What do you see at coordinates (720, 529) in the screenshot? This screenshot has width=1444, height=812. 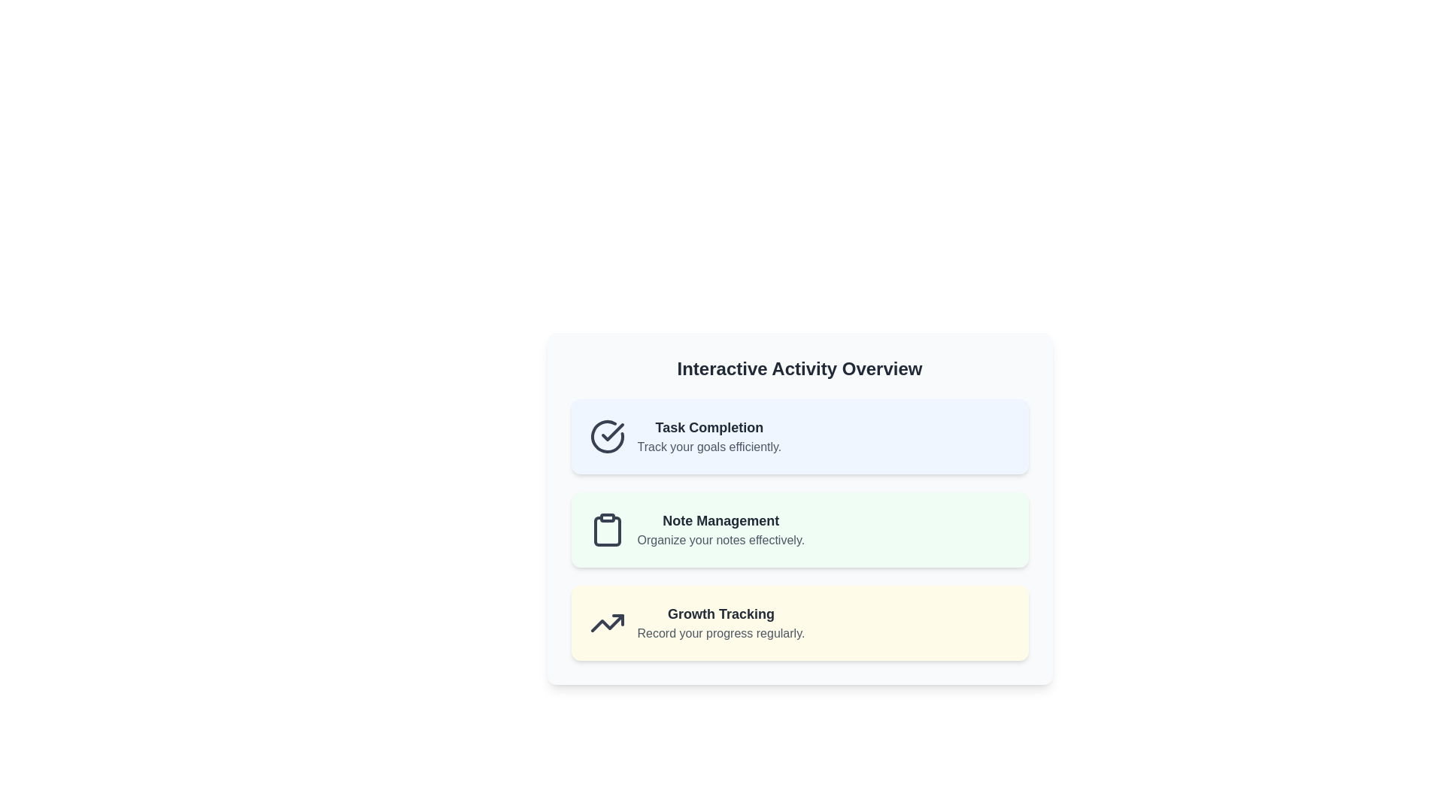 I see `the informational card titled 'Note Management', which is displayed in a bold font with the description 'Organize your notes effectively.'` at bounding box center [720, 529].